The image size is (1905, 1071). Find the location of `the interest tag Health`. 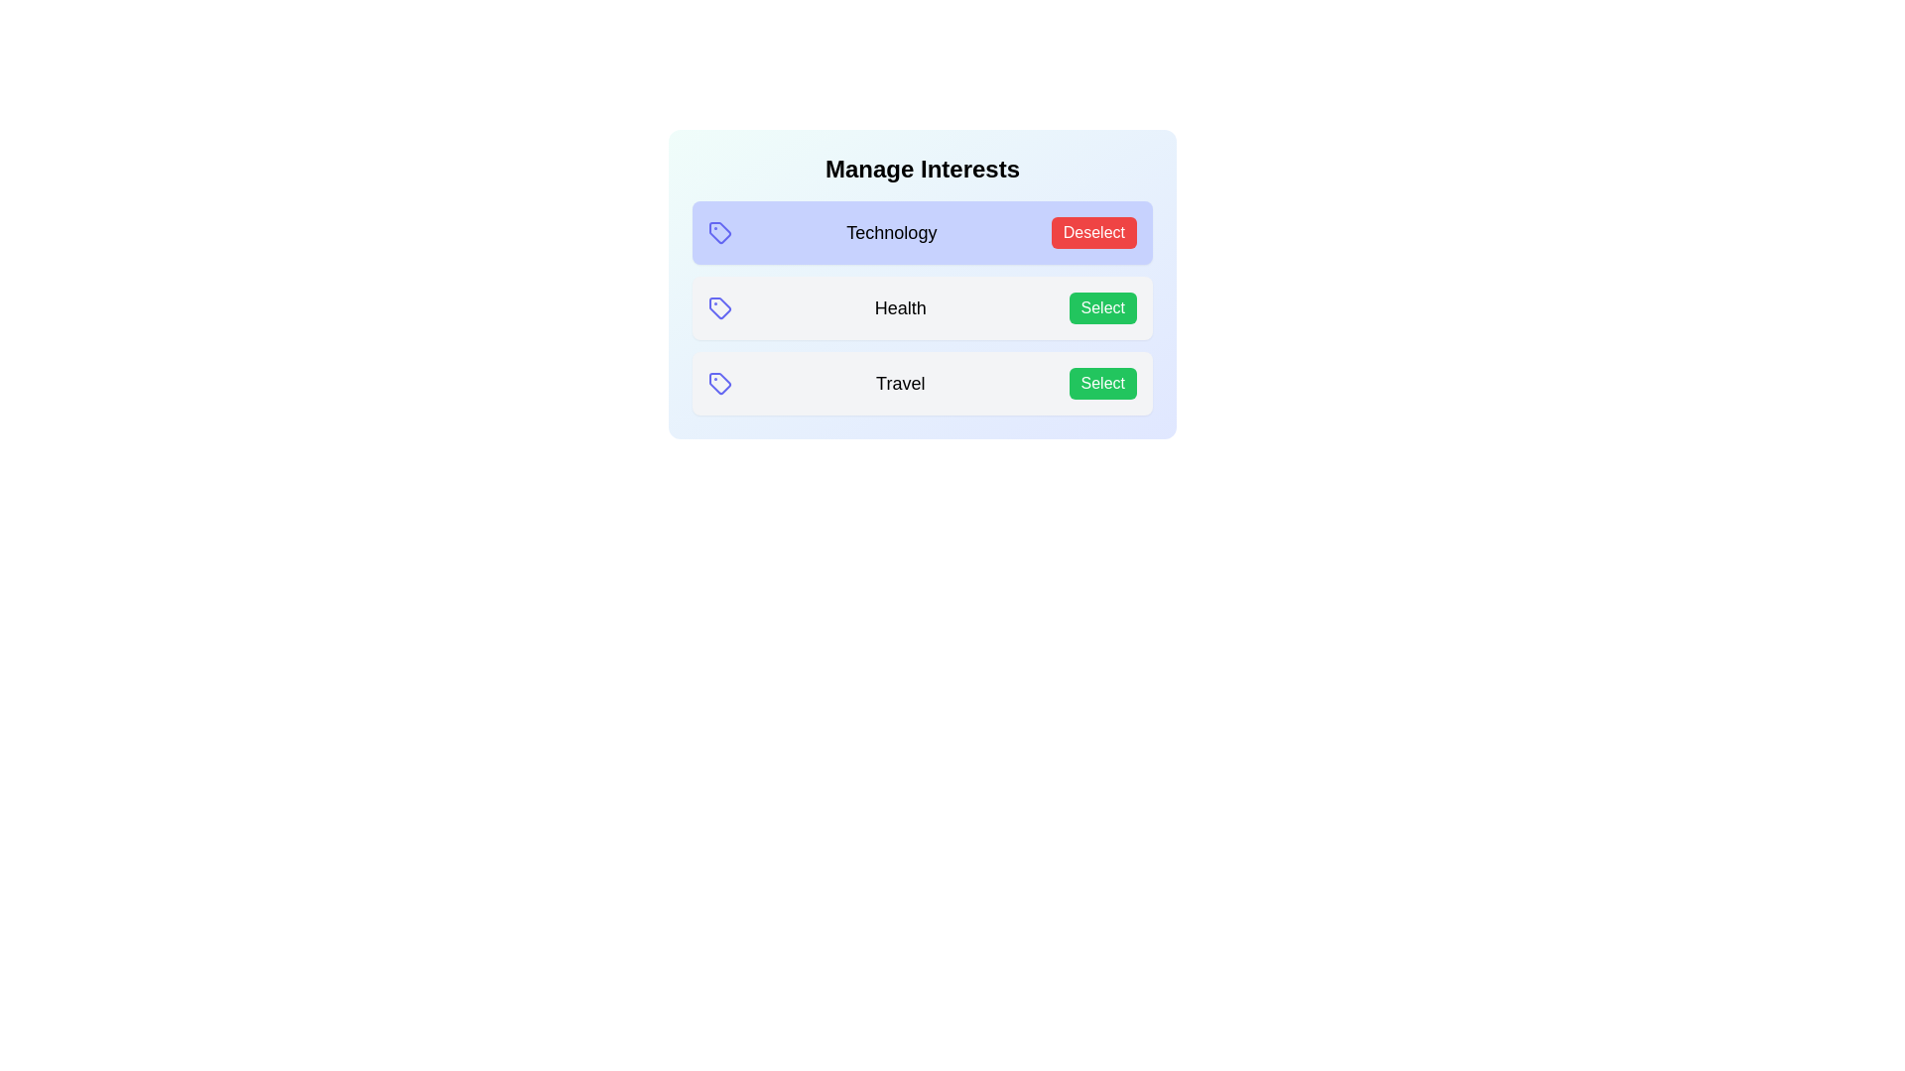

the interest tag Health is located at coordinates (1101, 308).